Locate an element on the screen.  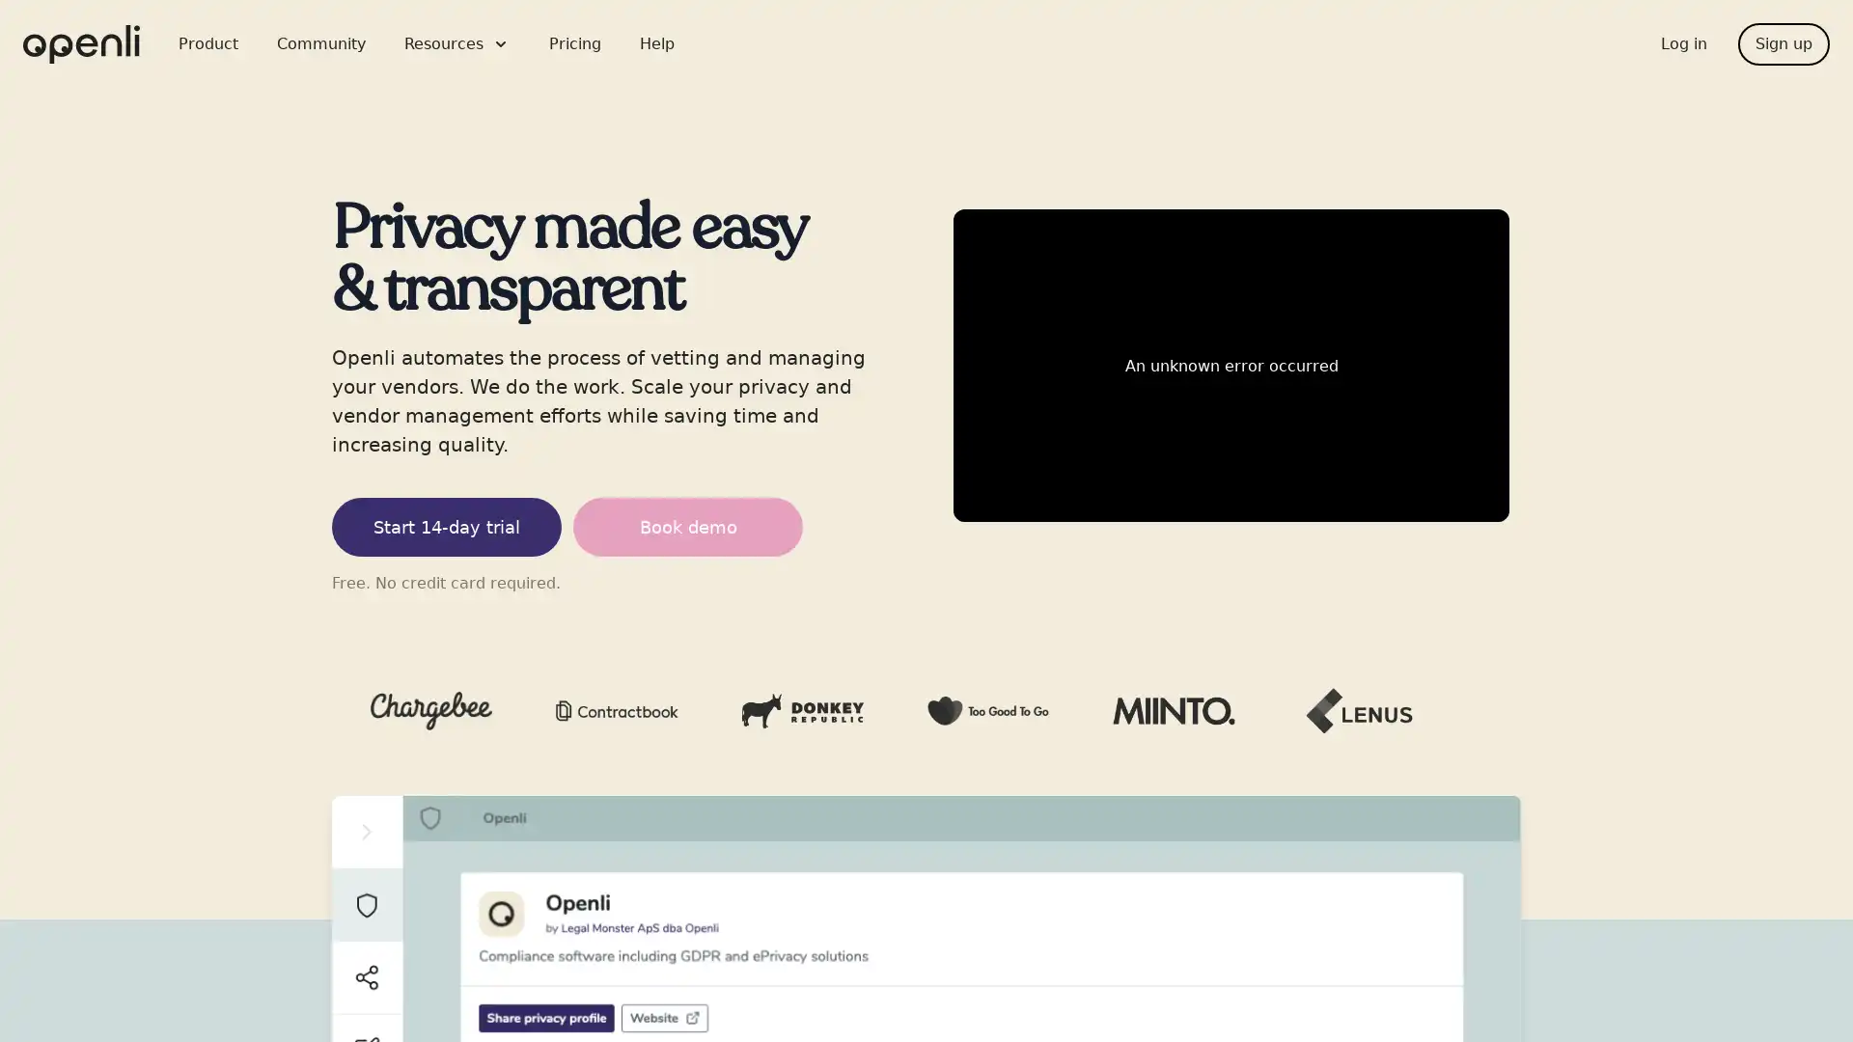
Accept all is located at coordinates (1053, 680).